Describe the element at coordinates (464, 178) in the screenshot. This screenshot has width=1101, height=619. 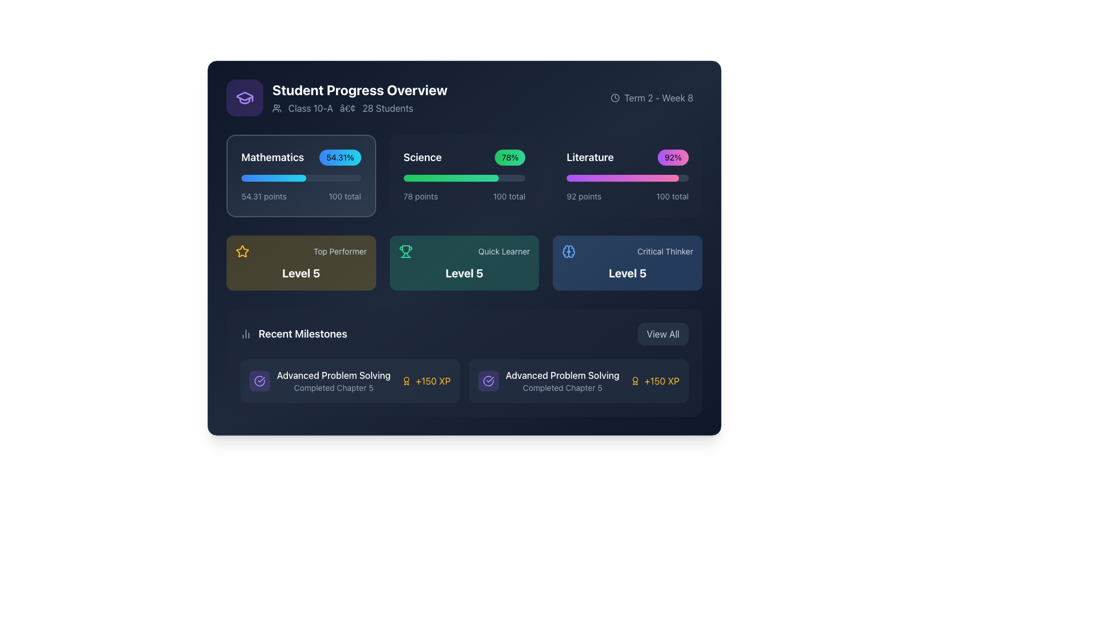
I see `the horizontal rectangular progress bar in the 'Science' section, which has a dark gray background and a green gradient-filled portion indicating 78% completion` at that location.